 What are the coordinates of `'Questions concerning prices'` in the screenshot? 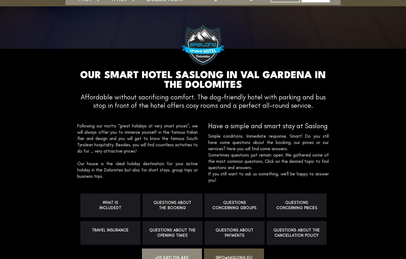 It's located at (296, 205).